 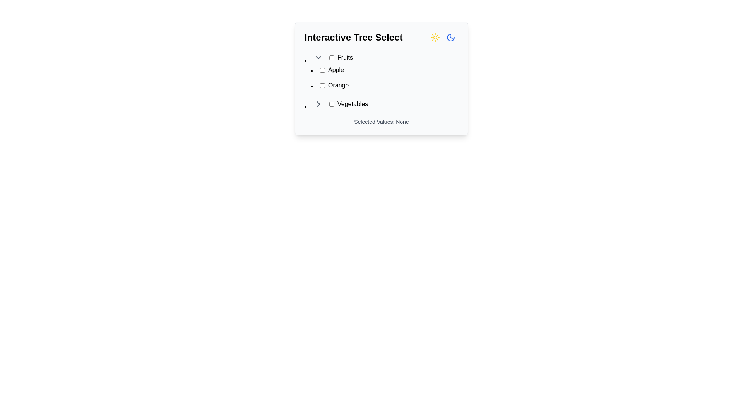 What do you see at coordinates (322, 70) in the screenshot?
I see `the unselected checkbox located to the left of the text label 'Apple' under the heading 'Interactive Tree Select'` at bounding box center [322, 70].